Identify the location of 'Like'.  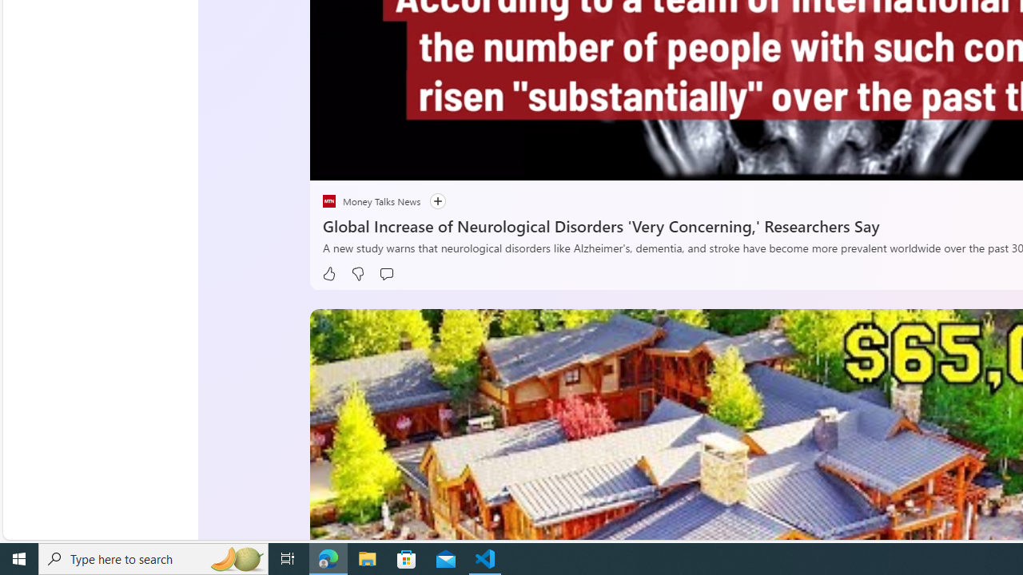
(328, 273).